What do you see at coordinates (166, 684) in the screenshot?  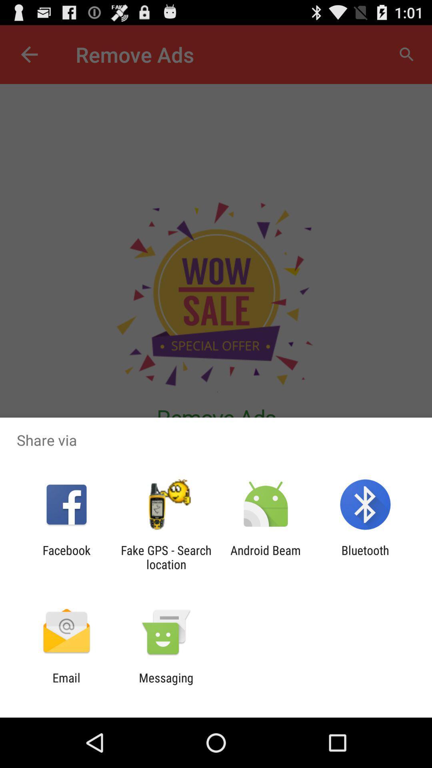 I see `the app to the right of the email icon` at bounding box center [166, 684].